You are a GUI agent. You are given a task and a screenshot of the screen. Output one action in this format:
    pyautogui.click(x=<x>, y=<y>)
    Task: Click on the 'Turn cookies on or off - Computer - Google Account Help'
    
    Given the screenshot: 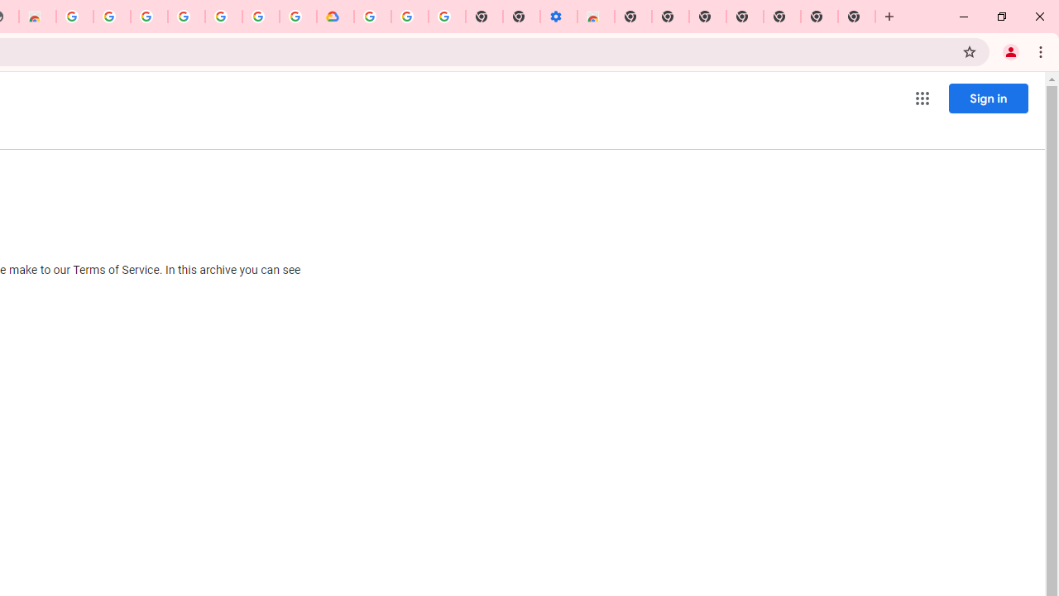 What is the action you would take?
    pyautogui.click(x=447, y=17)
    